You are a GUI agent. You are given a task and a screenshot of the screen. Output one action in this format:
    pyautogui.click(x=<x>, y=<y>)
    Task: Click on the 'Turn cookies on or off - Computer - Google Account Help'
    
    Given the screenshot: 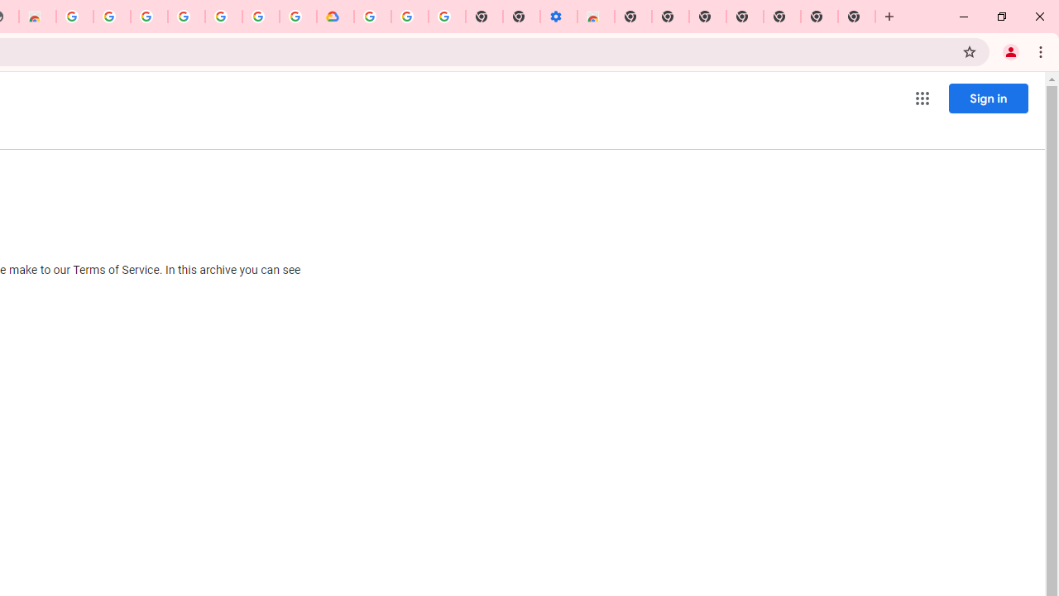 What is the action you would take?
    pyautogui.click(x=447, y=17)
    